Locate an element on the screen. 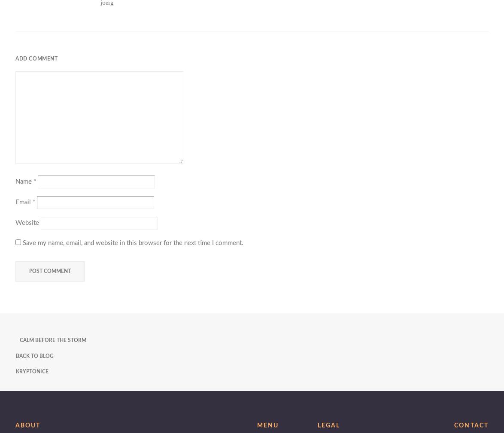 This screenshot has height=433, width=504. 'Website' is located at coordinates (27, 223).